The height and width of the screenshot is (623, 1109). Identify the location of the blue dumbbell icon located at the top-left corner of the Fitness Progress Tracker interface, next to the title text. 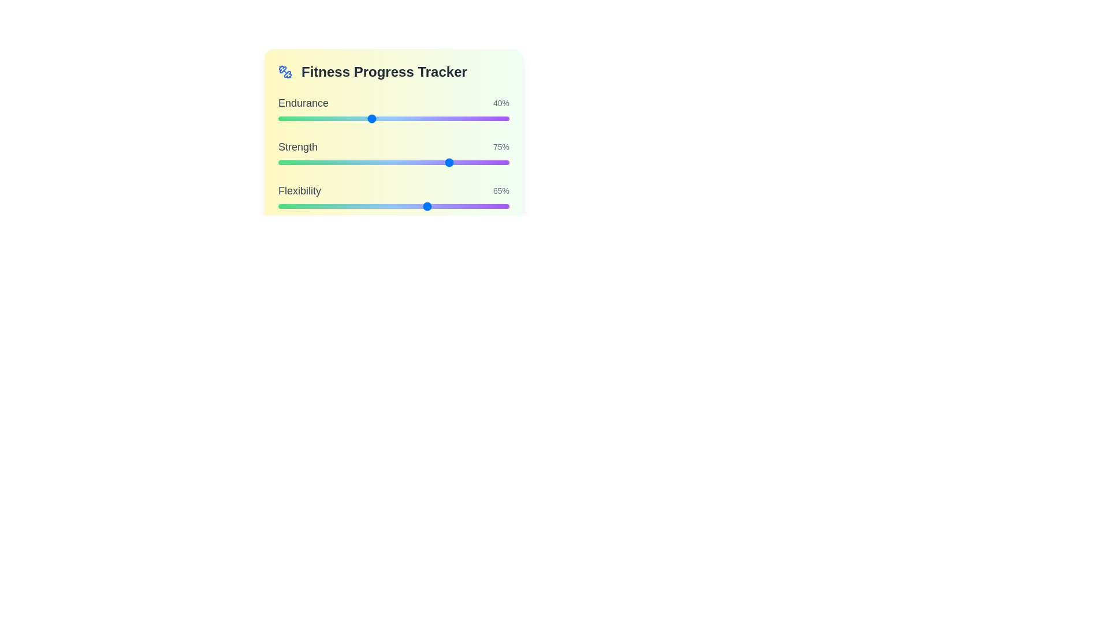
(288, 74).